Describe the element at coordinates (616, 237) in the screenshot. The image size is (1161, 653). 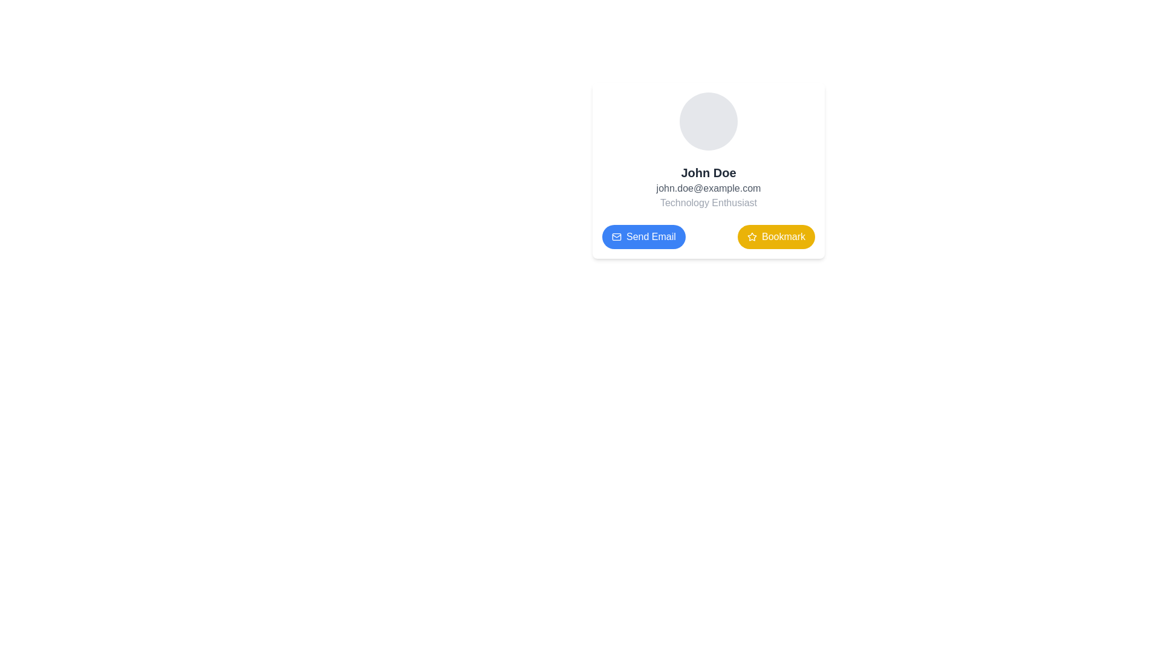
I see `the mail envelope icon located on the left side inside the 'Send Email' button at the bottom-left of the user profile card` at that location.